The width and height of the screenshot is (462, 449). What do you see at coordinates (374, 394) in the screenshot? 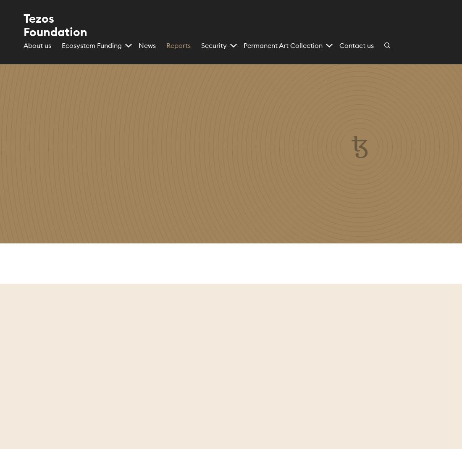
I see `'The Tezos ecosystem experienced consistent growth in daily active wallets with the total number of wallets surpassing 4.5 million. The ecosystem also witnessed a notable increase in Total Value Locked (TVL) both in XTZ and USD.'` at bounding box center [374, 394].